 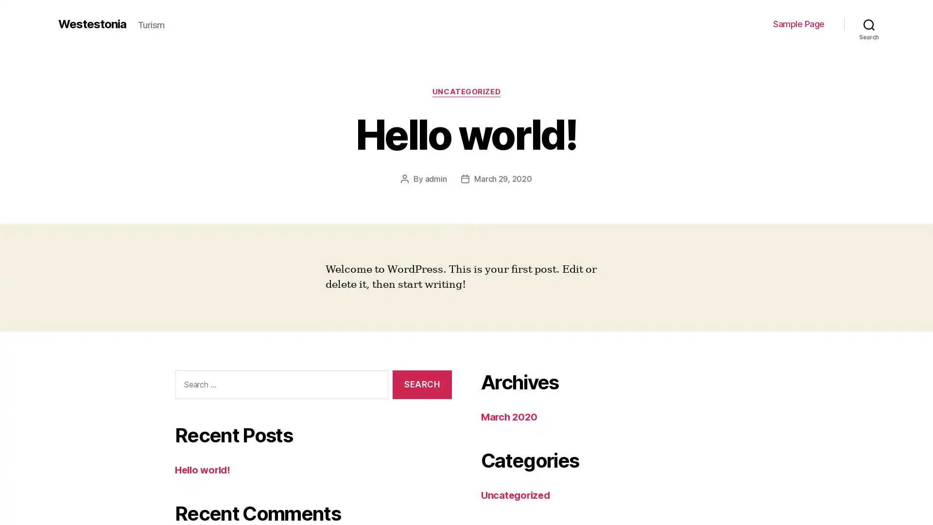 I want to click on Search, so click(x=422, y=384).